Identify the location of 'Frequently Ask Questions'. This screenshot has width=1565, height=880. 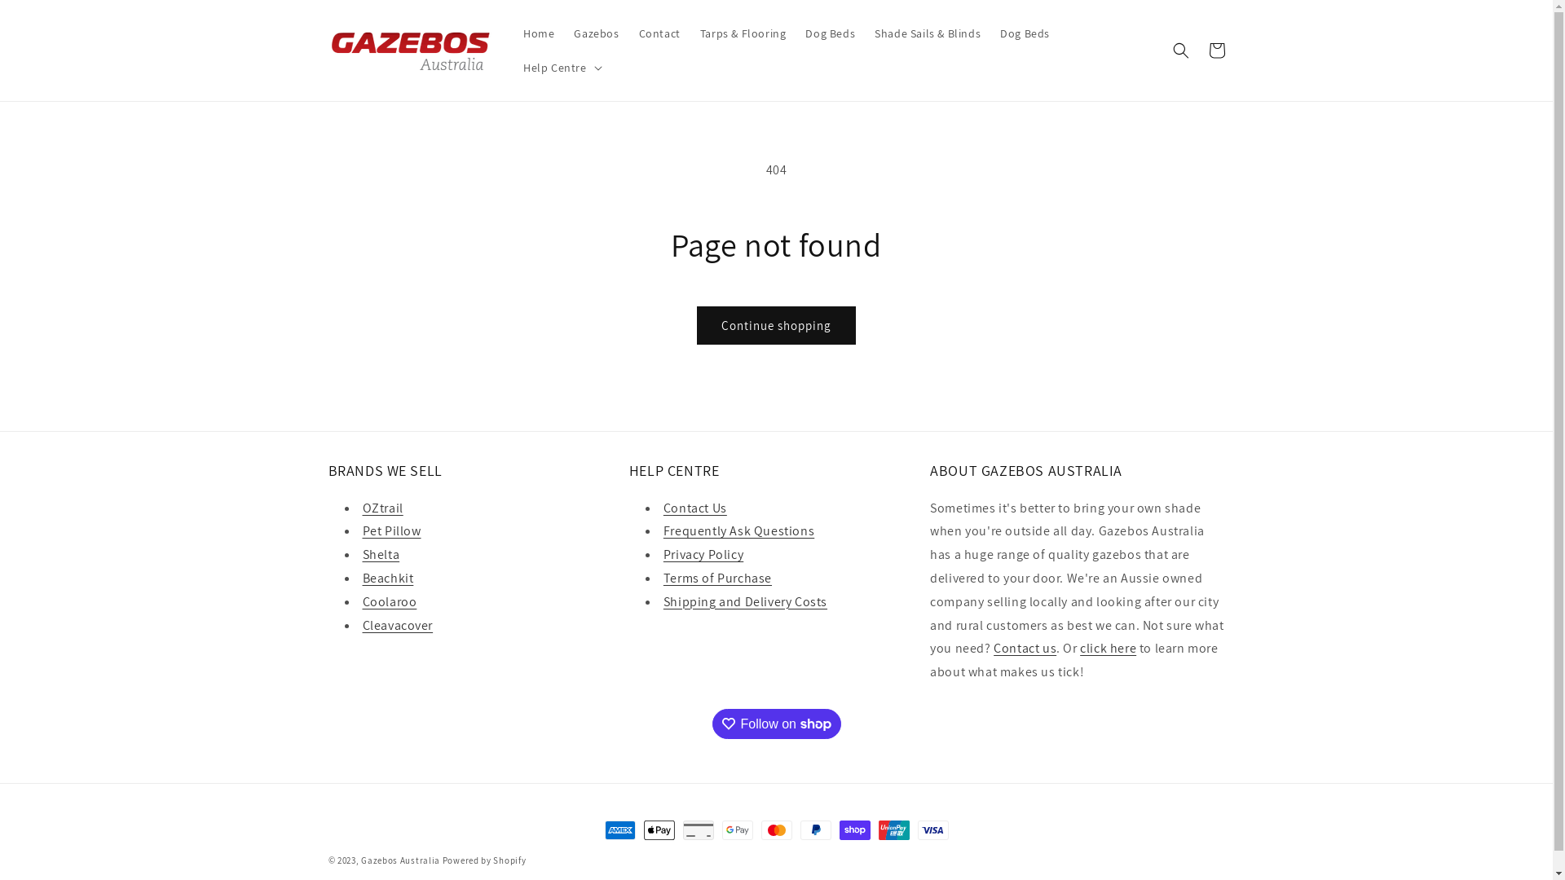
(738, 530).